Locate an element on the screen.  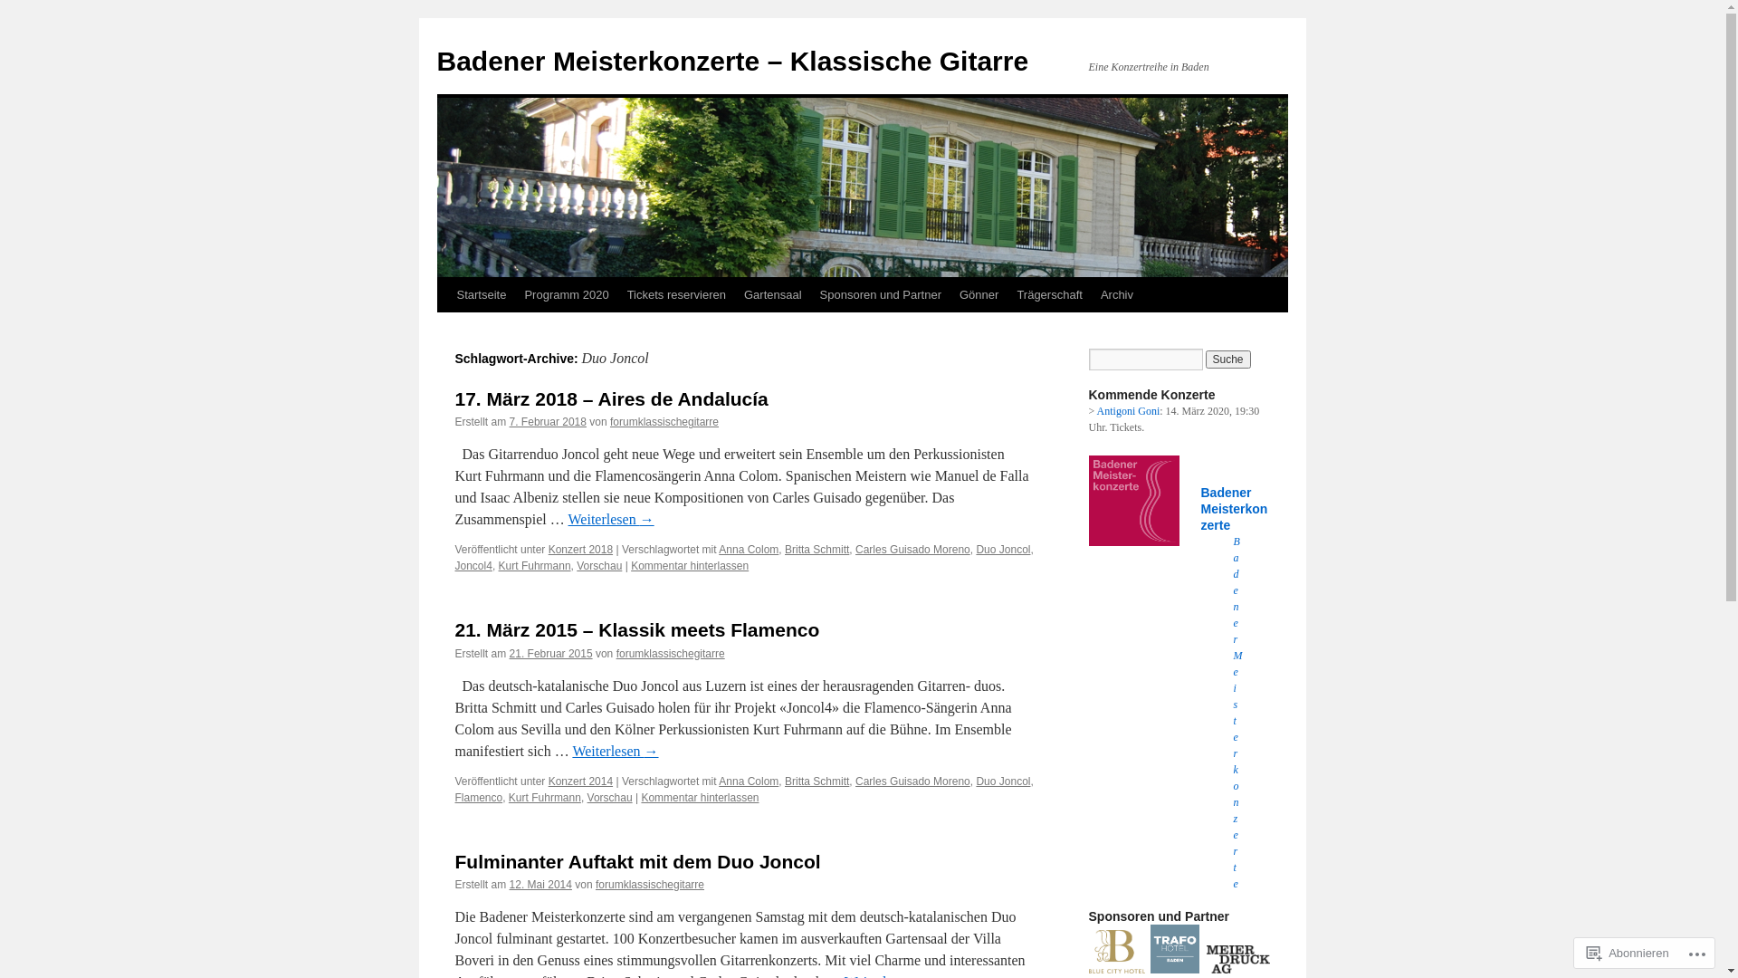
'forumklassischegitarre' is located at coordinates (669, 653).